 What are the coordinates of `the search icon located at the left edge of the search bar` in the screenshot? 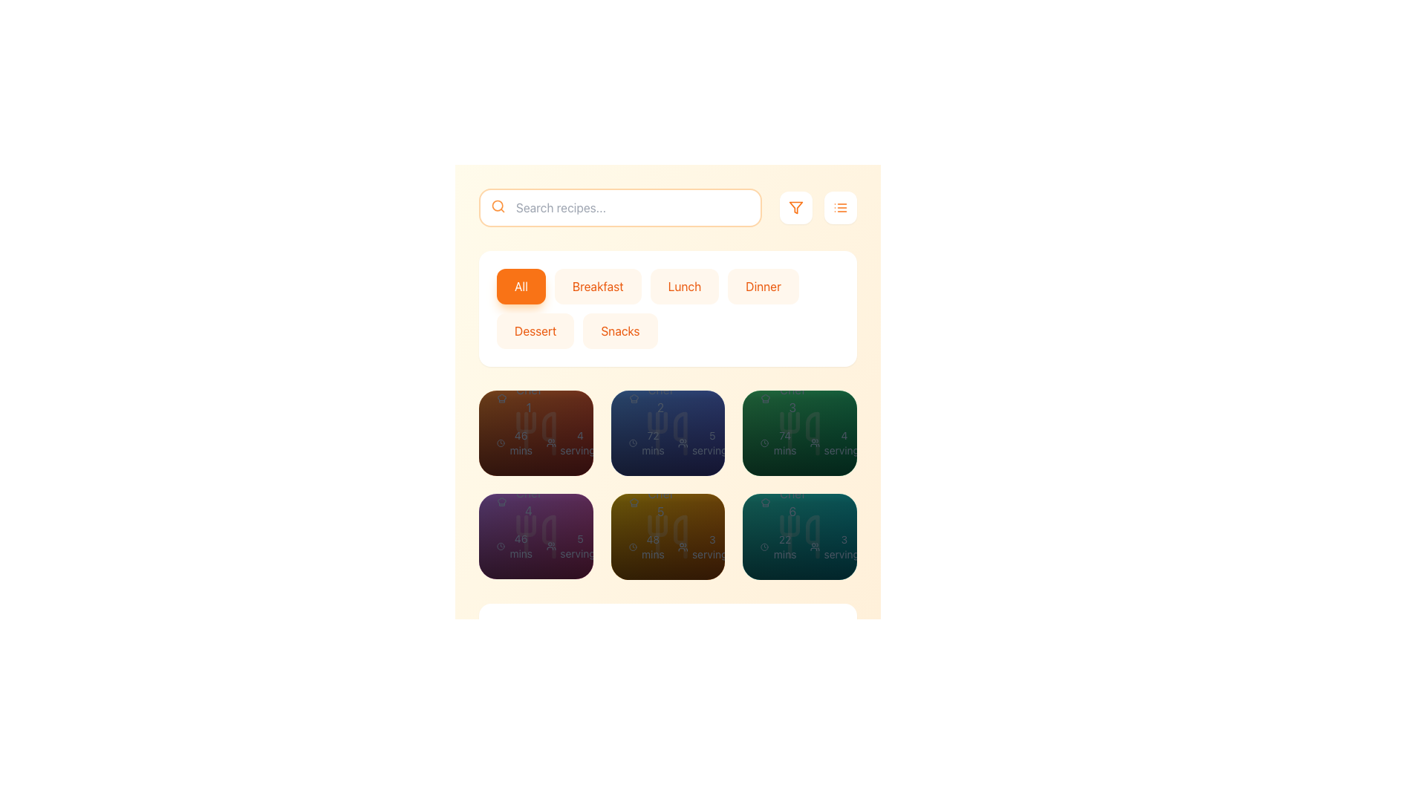 It's located at (498, 206).